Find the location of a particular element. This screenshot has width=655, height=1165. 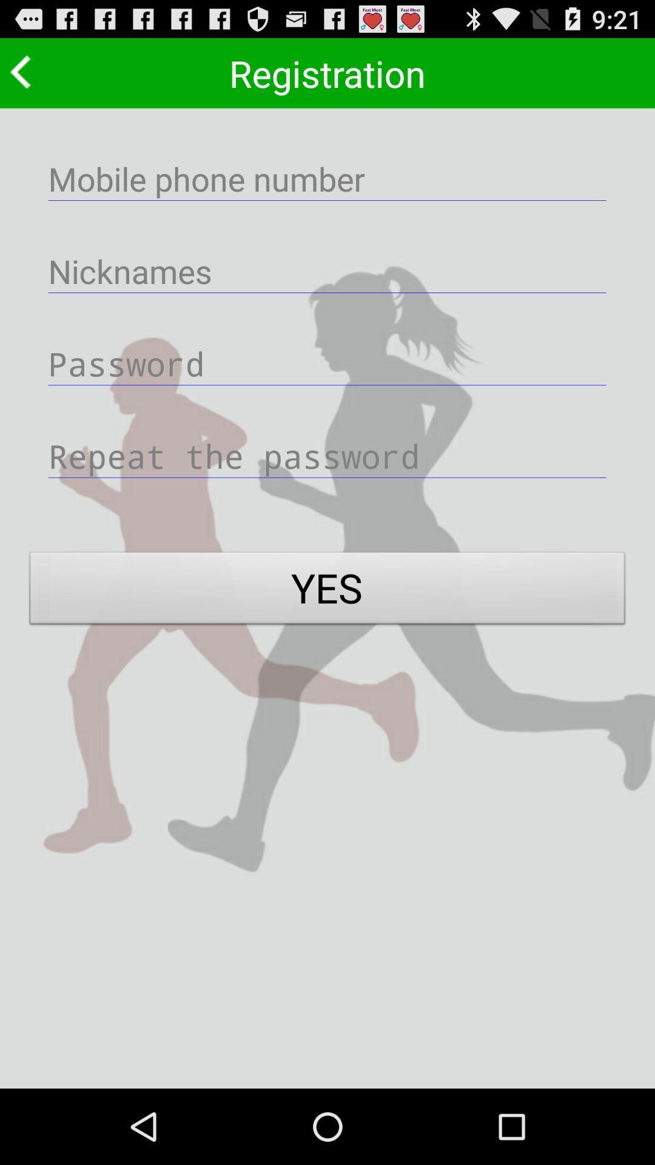

mobile phone number is located at coordinates (327, 178).